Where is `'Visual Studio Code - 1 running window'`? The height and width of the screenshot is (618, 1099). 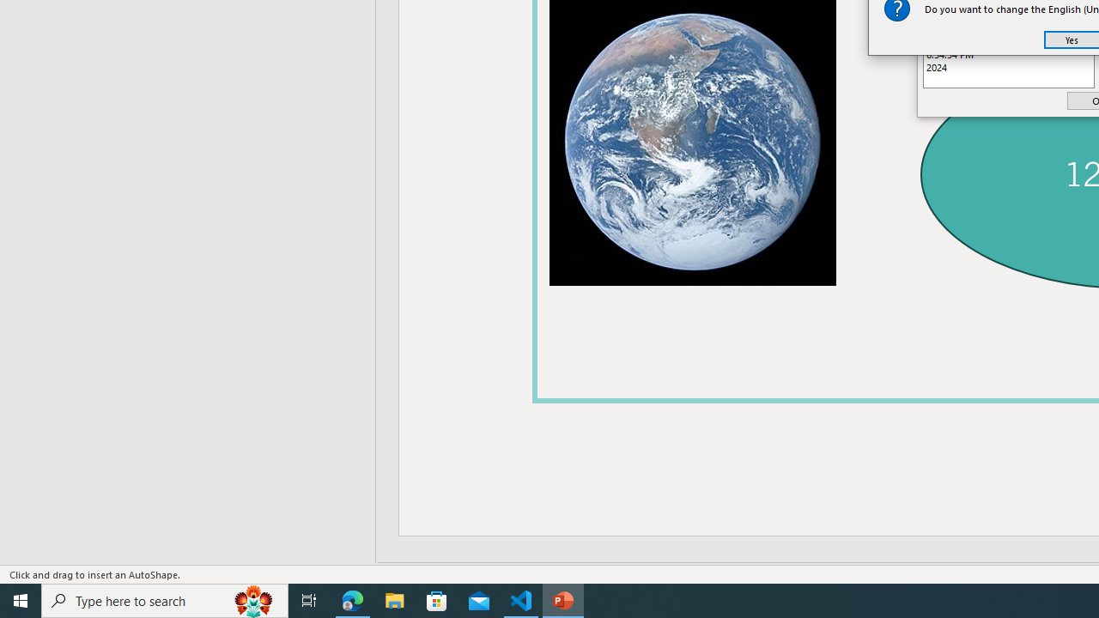 'Visual Studio Code - 1 running window' is located at coordinates (520, 599).